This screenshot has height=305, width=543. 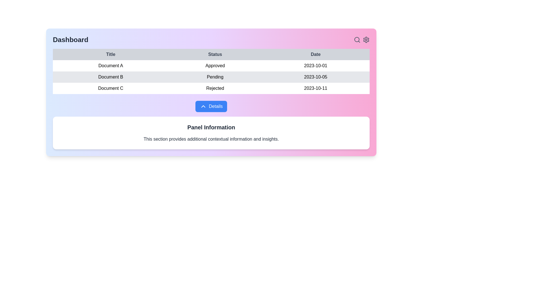 What do you see at coordinates (203, 106) in the screenshot?
I see `the small upward-facing chevron icon, which is white against a blue background, located to the left of the 'Details' button` at bounding box center [203, 106].